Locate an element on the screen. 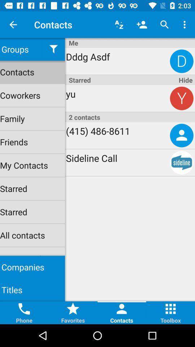  the filter icon is located at coordinates (53, 49).